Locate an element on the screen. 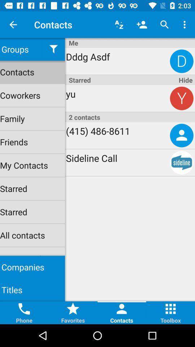  the filter icon is located at coordinates (53, 49).